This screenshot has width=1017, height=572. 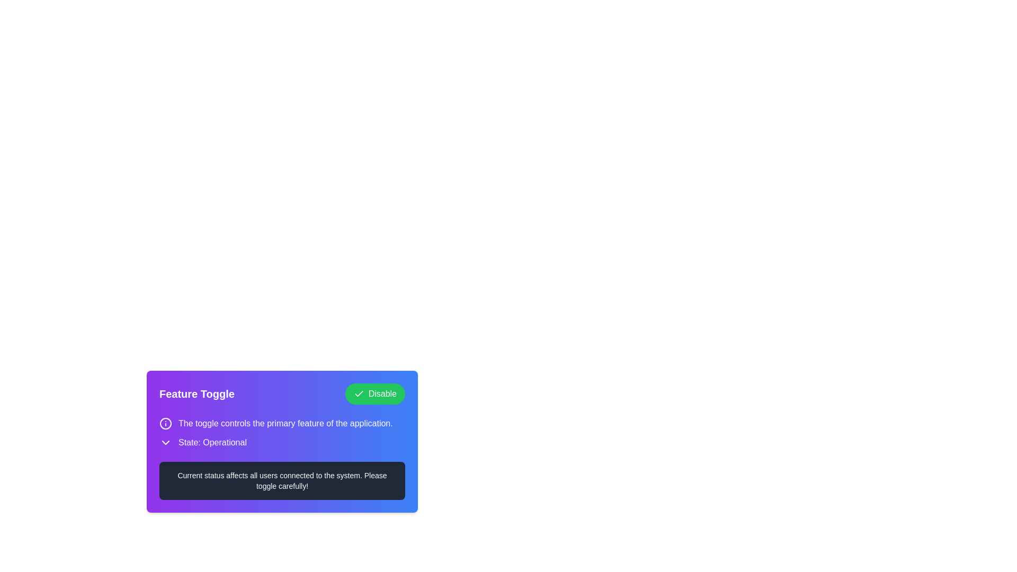 I want to click on the informational icon located to the far left of the text description, which serves to symbolize additional information, so click(x=165, y=423).